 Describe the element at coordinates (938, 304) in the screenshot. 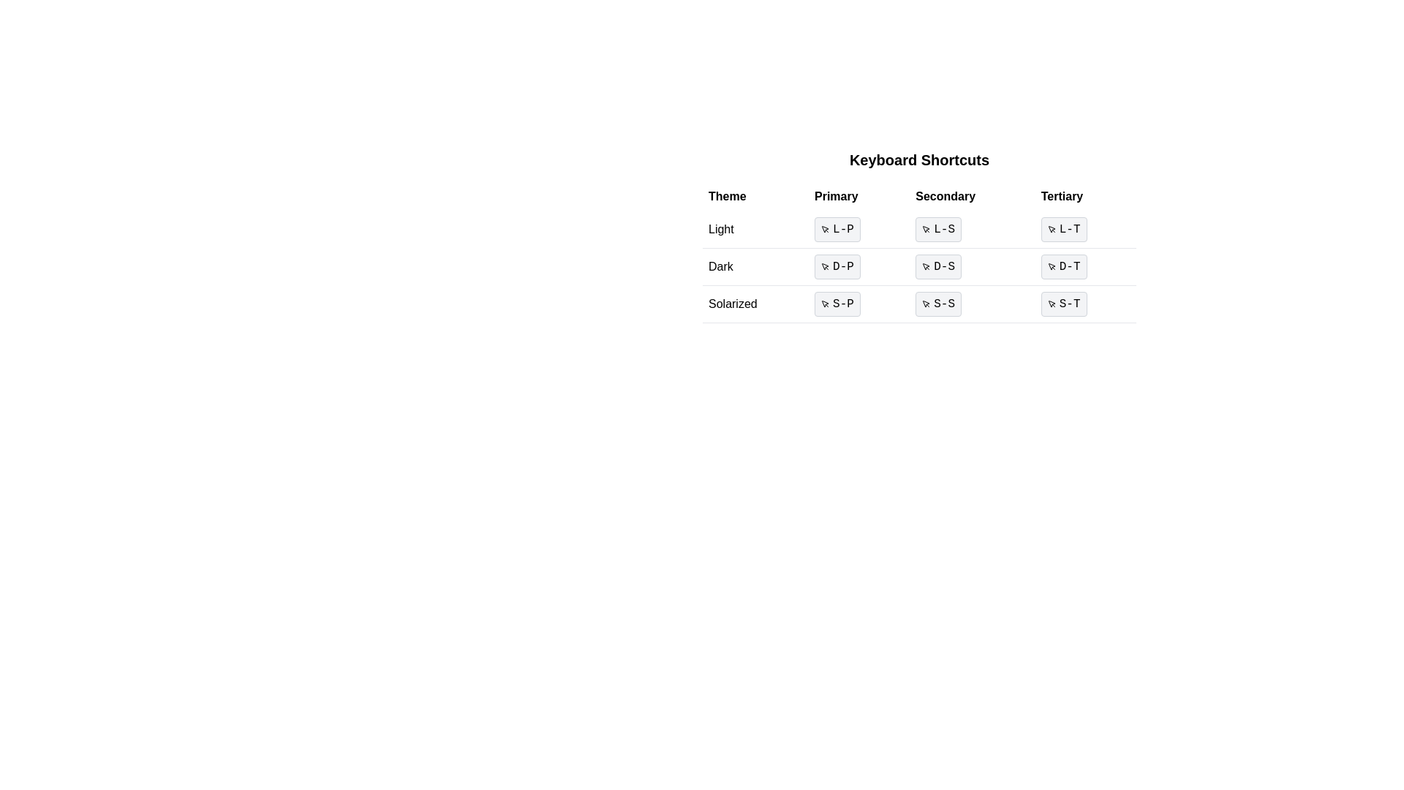

I see `the static label with an icon resembling a mouse pointer and the text 'S-S' in bold black font, which is the second button in the last row labeled 'Solarized' under the 'Secondary' column` at that location.